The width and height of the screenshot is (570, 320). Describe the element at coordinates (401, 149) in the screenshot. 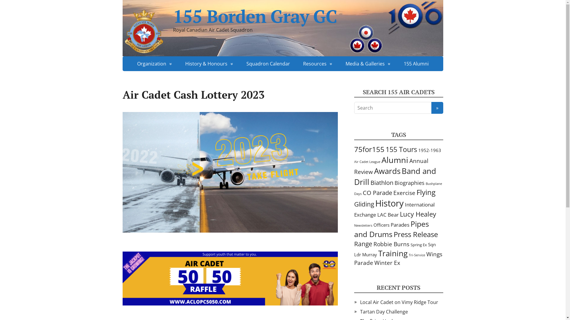

I see `'155 Tours'` at that location.